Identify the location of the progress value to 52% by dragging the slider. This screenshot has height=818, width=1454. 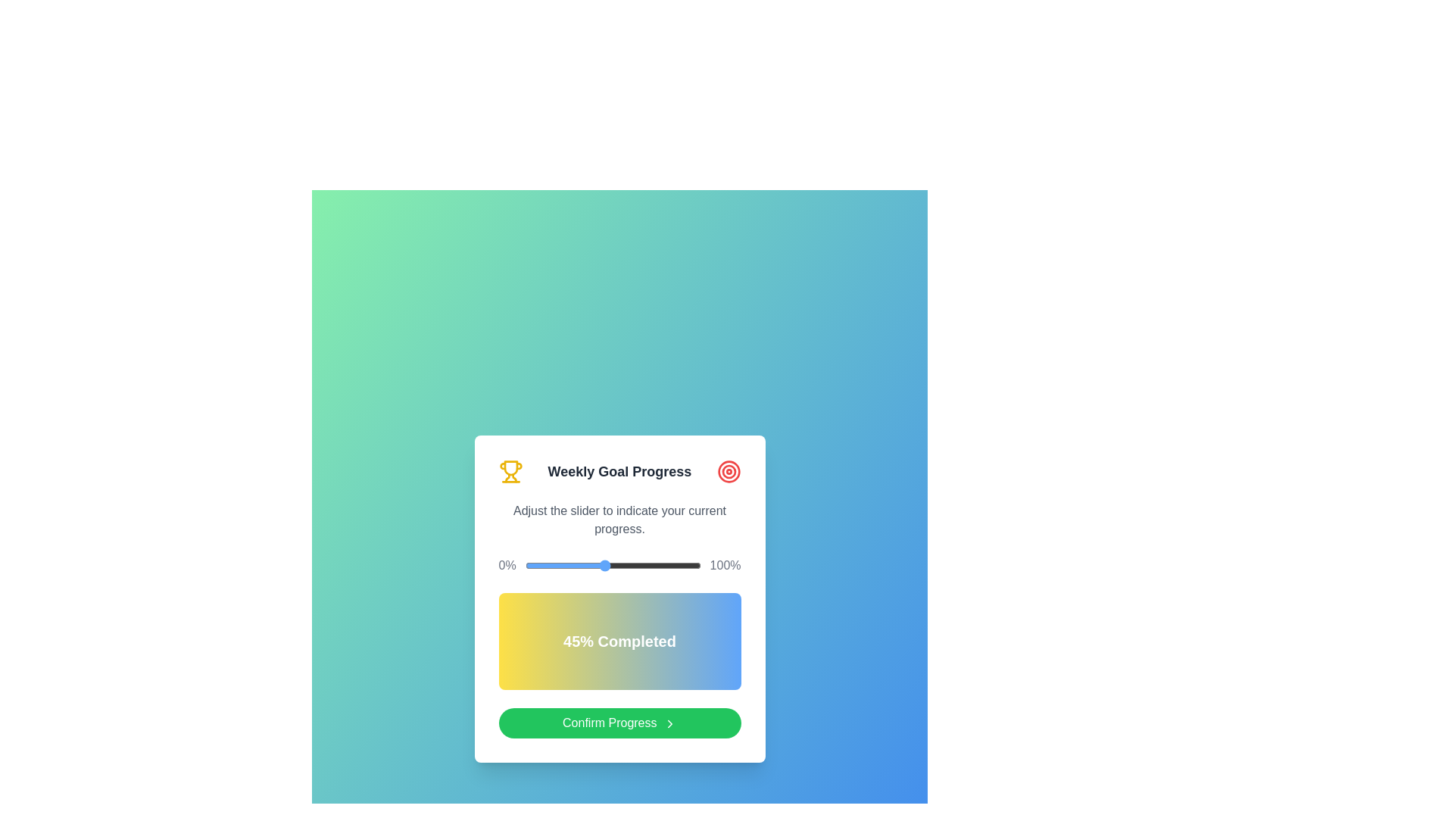
(616, 566).